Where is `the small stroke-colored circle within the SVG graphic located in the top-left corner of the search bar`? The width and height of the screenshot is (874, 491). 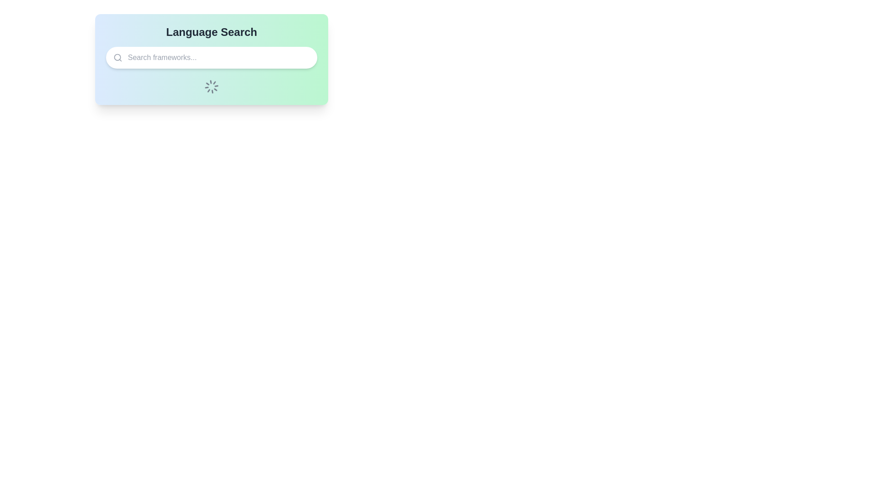 the small stroke-colored circle within the SVG graphic located in the top-left corner of the search bar is located at coordinates (117, 57).